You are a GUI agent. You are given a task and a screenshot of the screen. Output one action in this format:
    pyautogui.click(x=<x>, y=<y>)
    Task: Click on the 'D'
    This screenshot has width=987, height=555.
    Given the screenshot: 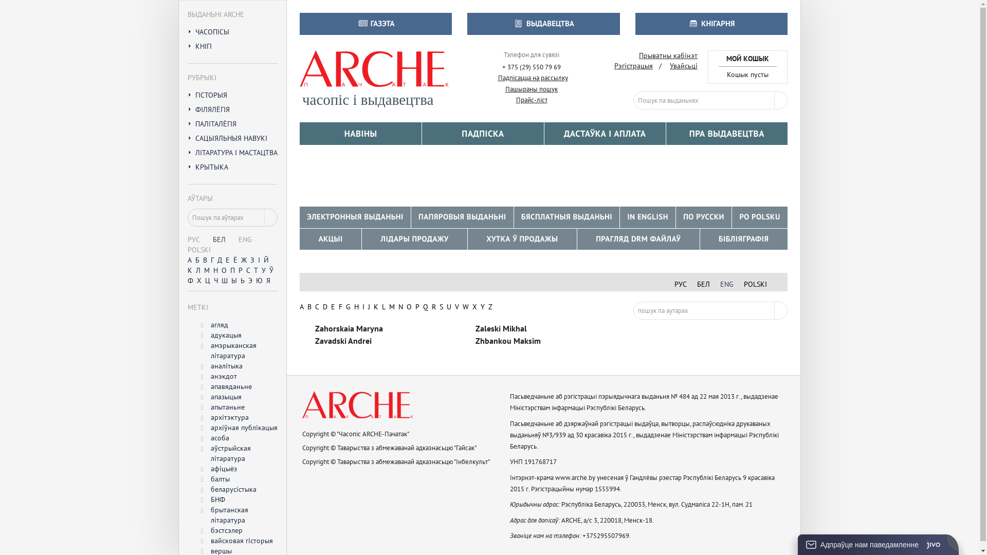 What is the action you would take?
    pyautogui.click(x=322, y=306)
    